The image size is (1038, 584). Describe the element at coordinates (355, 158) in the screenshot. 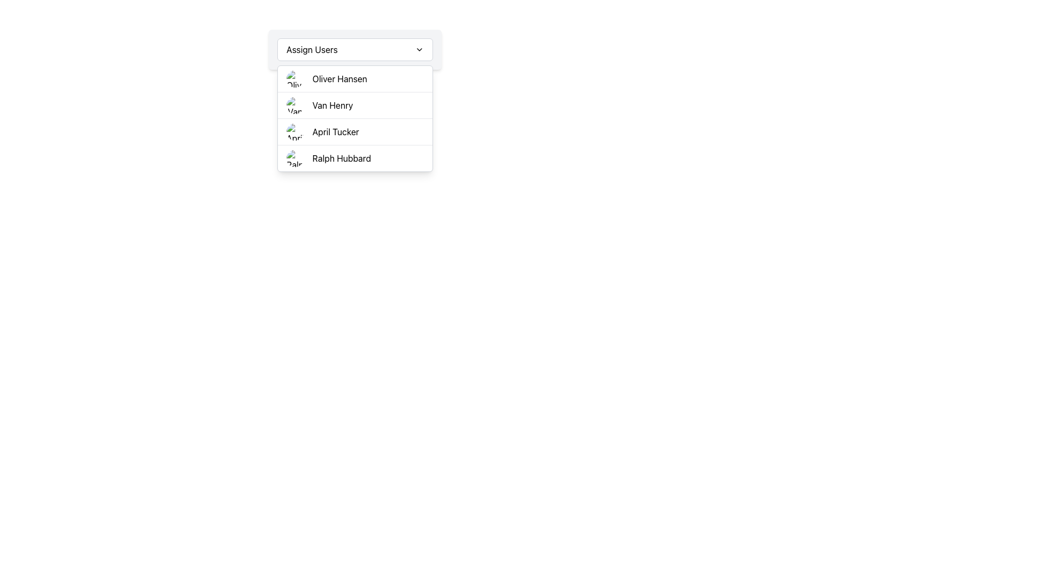

I see `the fourth list item with the avatar of Ralph Hubbard` at that location.